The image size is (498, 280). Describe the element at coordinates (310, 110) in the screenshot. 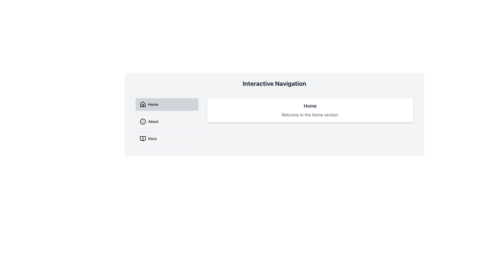

I see `the informational Text panel located in the main content area below the 'Interactive Navigation' header` at that location.